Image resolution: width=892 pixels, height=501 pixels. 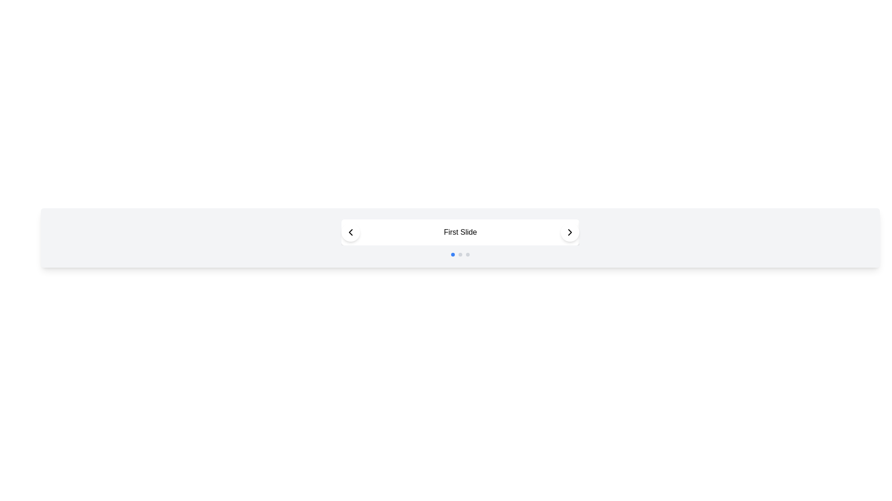 I want to click on the highlighted blue dot of the Carousel Indicator (Dot Navigation) located below the main carousel display area to possibly preview or display a tooltip, so click(x=460, y=254).